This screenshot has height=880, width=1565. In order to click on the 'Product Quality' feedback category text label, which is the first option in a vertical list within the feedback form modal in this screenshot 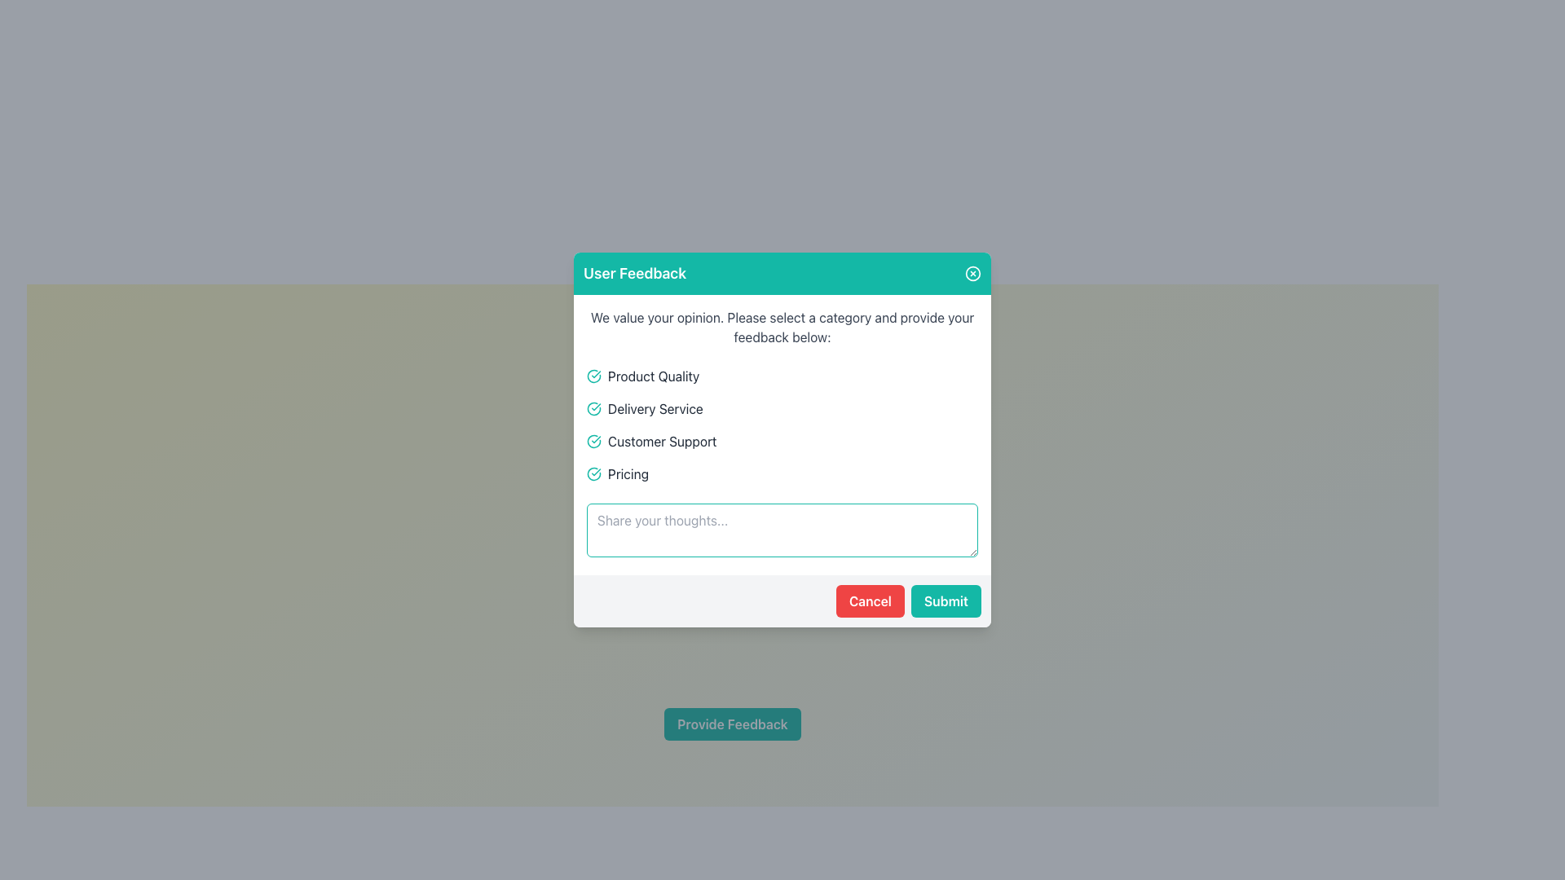, I will do `click(654, 376)`.